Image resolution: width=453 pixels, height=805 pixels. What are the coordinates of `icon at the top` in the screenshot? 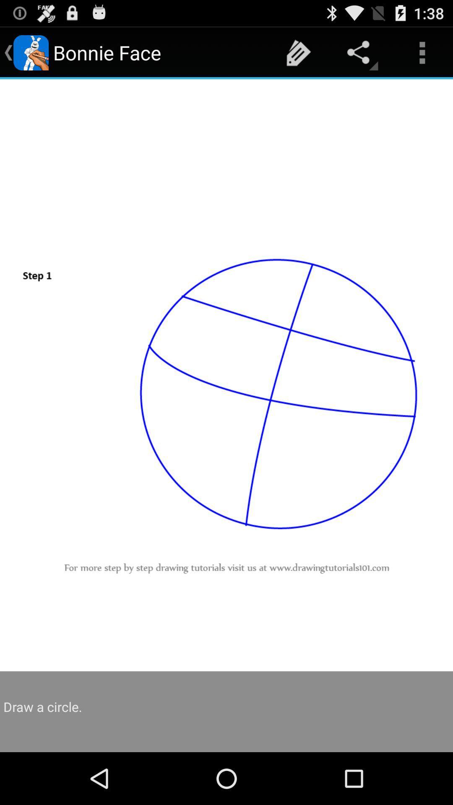 It's located at (298, 52).